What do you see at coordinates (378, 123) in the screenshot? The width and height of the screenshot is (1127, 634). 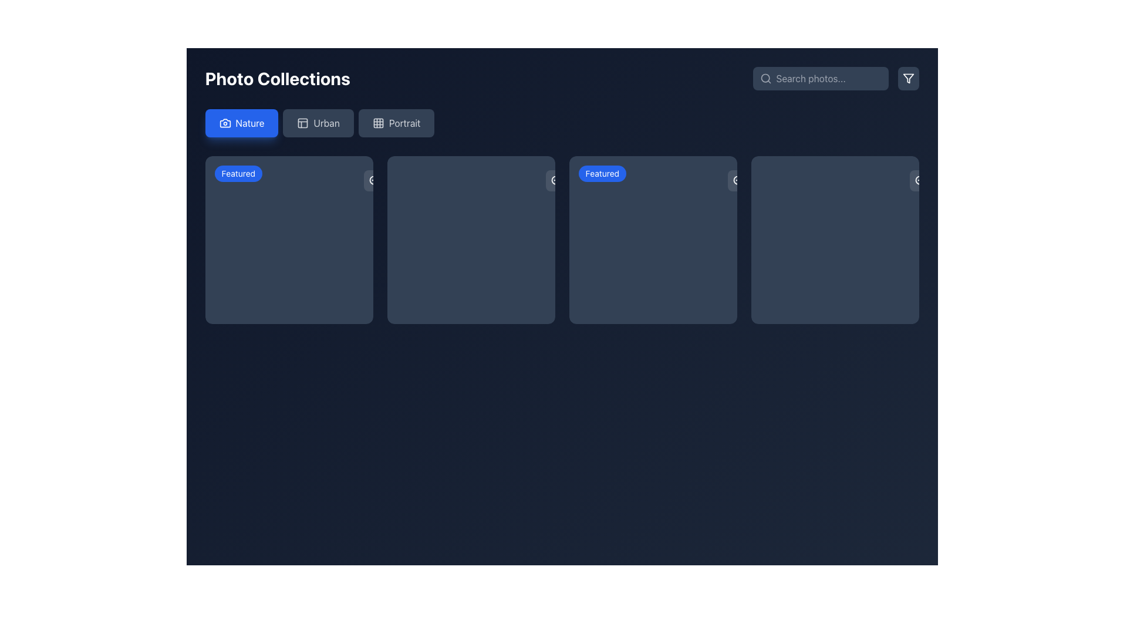 I see `the top-left square of the grid icon, which is part of a 3x3 grid located in the top-right corner of the interface, adjacent to the search bar` at bounding box center [378, 123].